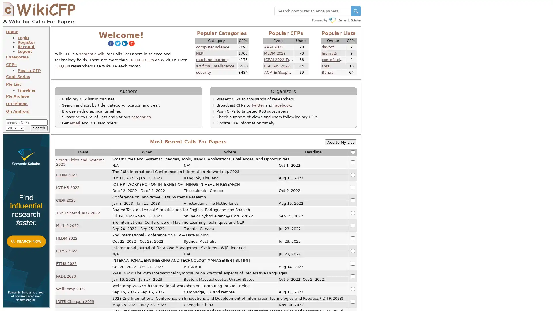 This screenshot has width=553, height=311. I want to click on Add to My List, so click(340, 142).